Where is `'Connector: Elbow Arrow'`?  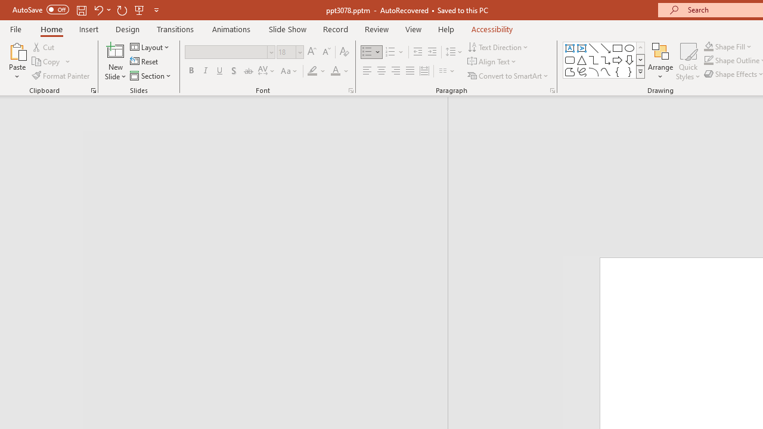
'Connector: Elbow Arrow' is located at coordinates (606, 60).